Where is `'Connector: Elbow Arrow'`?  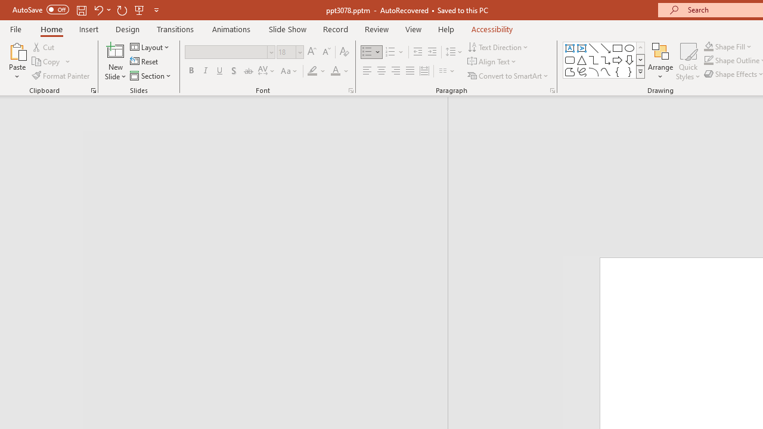
'Connector: Elbow Arrow' is located at coordinates (606, 60).